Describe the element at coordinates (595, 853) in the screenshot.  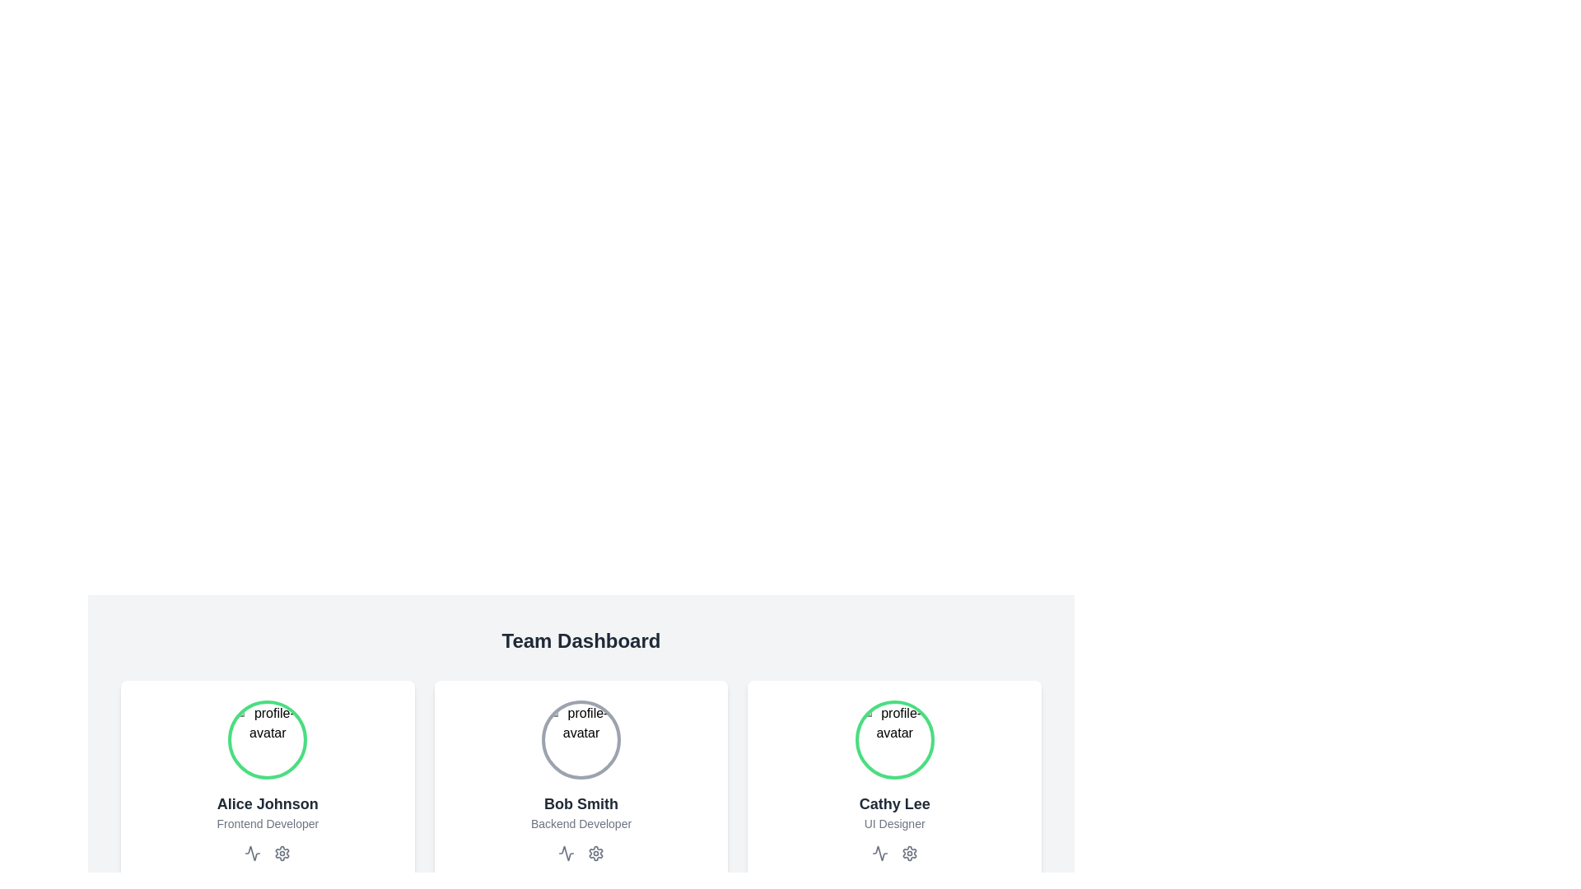
I see `the gear icon button, which signifies settings and is located under the user display for 'Bob Smith', to change its color to blue` at that location.